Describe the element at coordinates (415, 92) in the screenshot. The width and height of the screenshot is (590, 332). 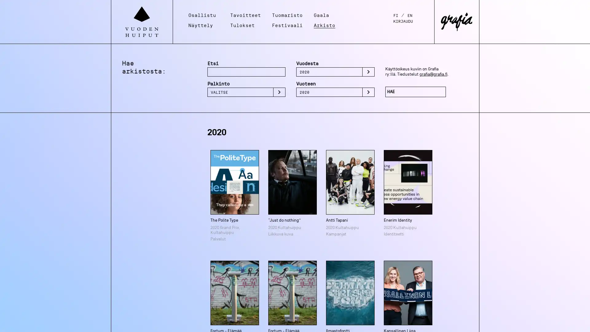
I see `HAE` at that location.